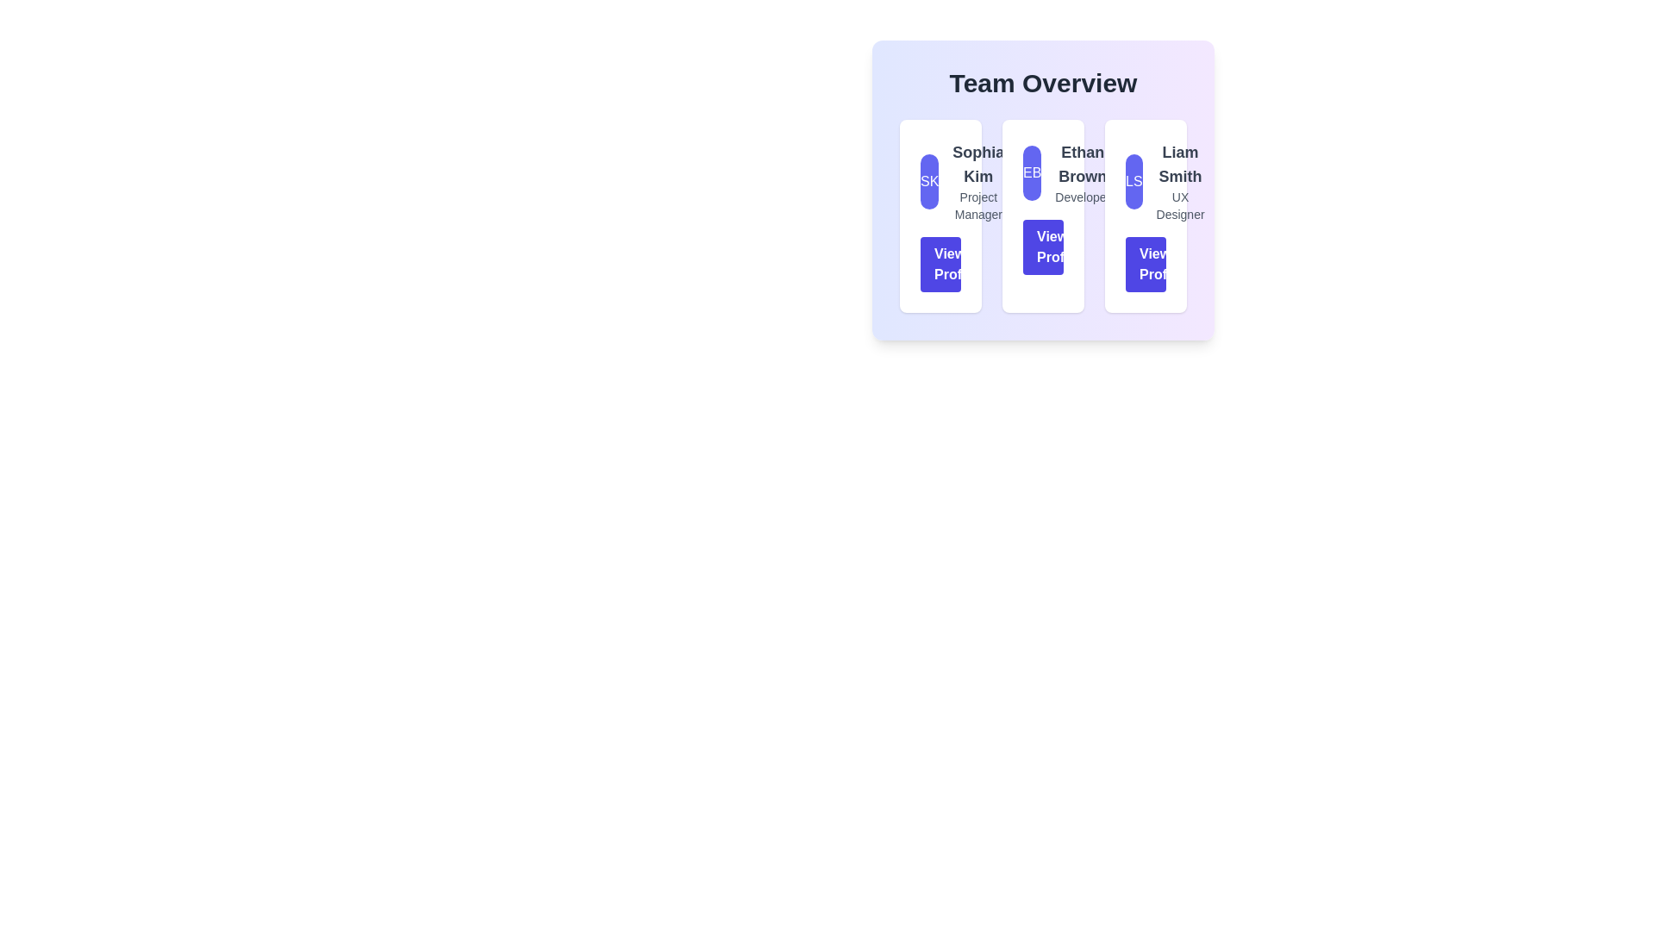 The width and height of the screenshot is (1655, 931). I want to click on the text label indicating the name of the team member 'Ethan Brown', which is located in the middle column of the 'Team Overview' section, above the 'Developer' label, so click(1082, 165).